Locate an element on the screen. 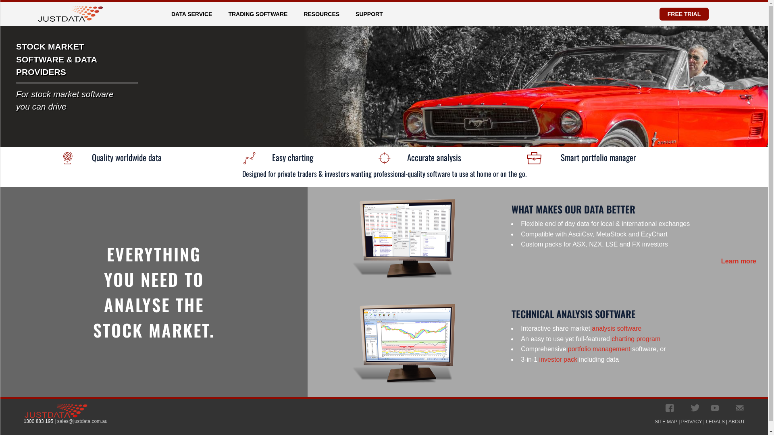 The image size is (774, 435). 'investor pack' is located at coordinates (558, 359).